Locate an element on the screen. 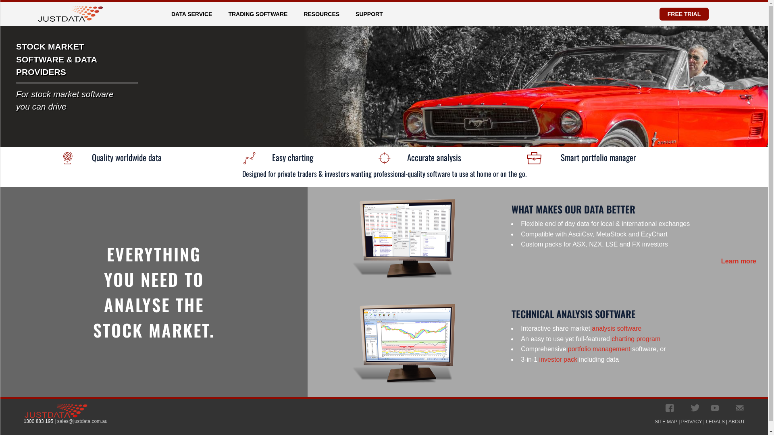 The image size is (774, 435). 'investor pack' is located at coordinates (558, 359).